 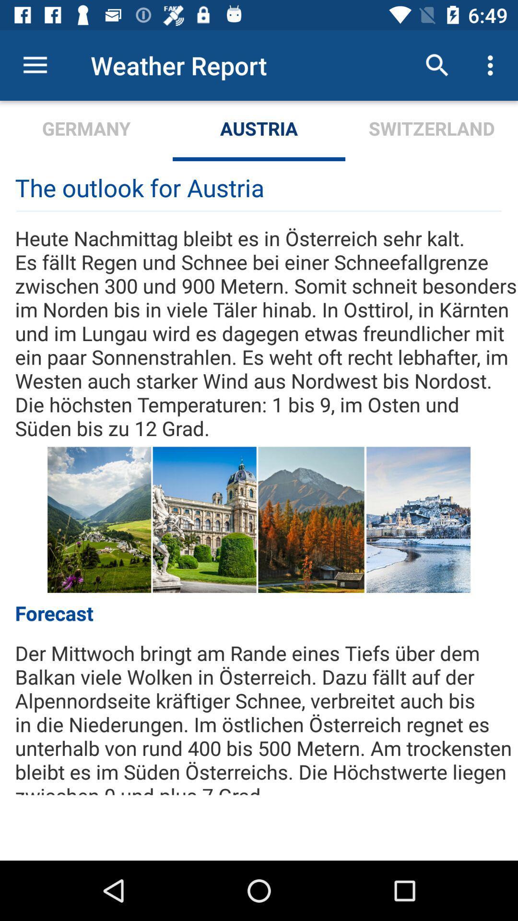 I want to click on germany, so click(x=86, y=130).